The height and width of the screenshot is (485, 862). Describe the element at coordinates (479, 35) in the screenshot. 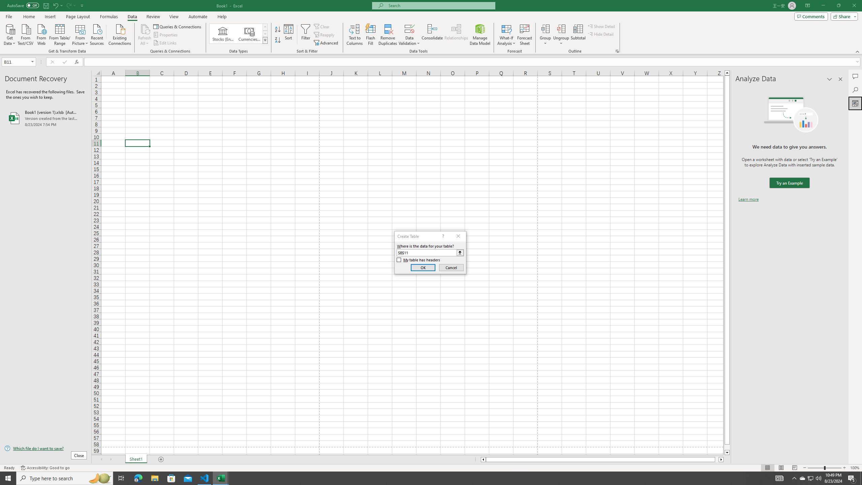

I see `'Manage Data Model'` at that location.